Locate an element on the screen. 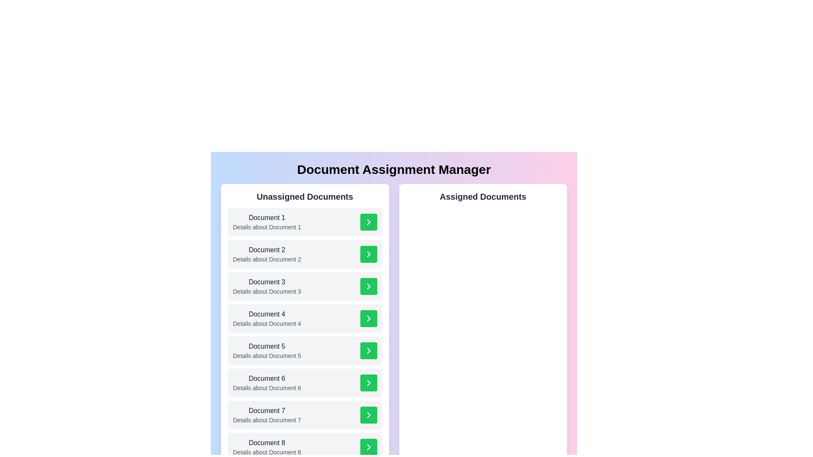 Image resolution: width=813 pixels, height=457 pixels. the button located at the far right within the row labeled 'Document 2Details about Document 2' is located at coordinates (368, 254).